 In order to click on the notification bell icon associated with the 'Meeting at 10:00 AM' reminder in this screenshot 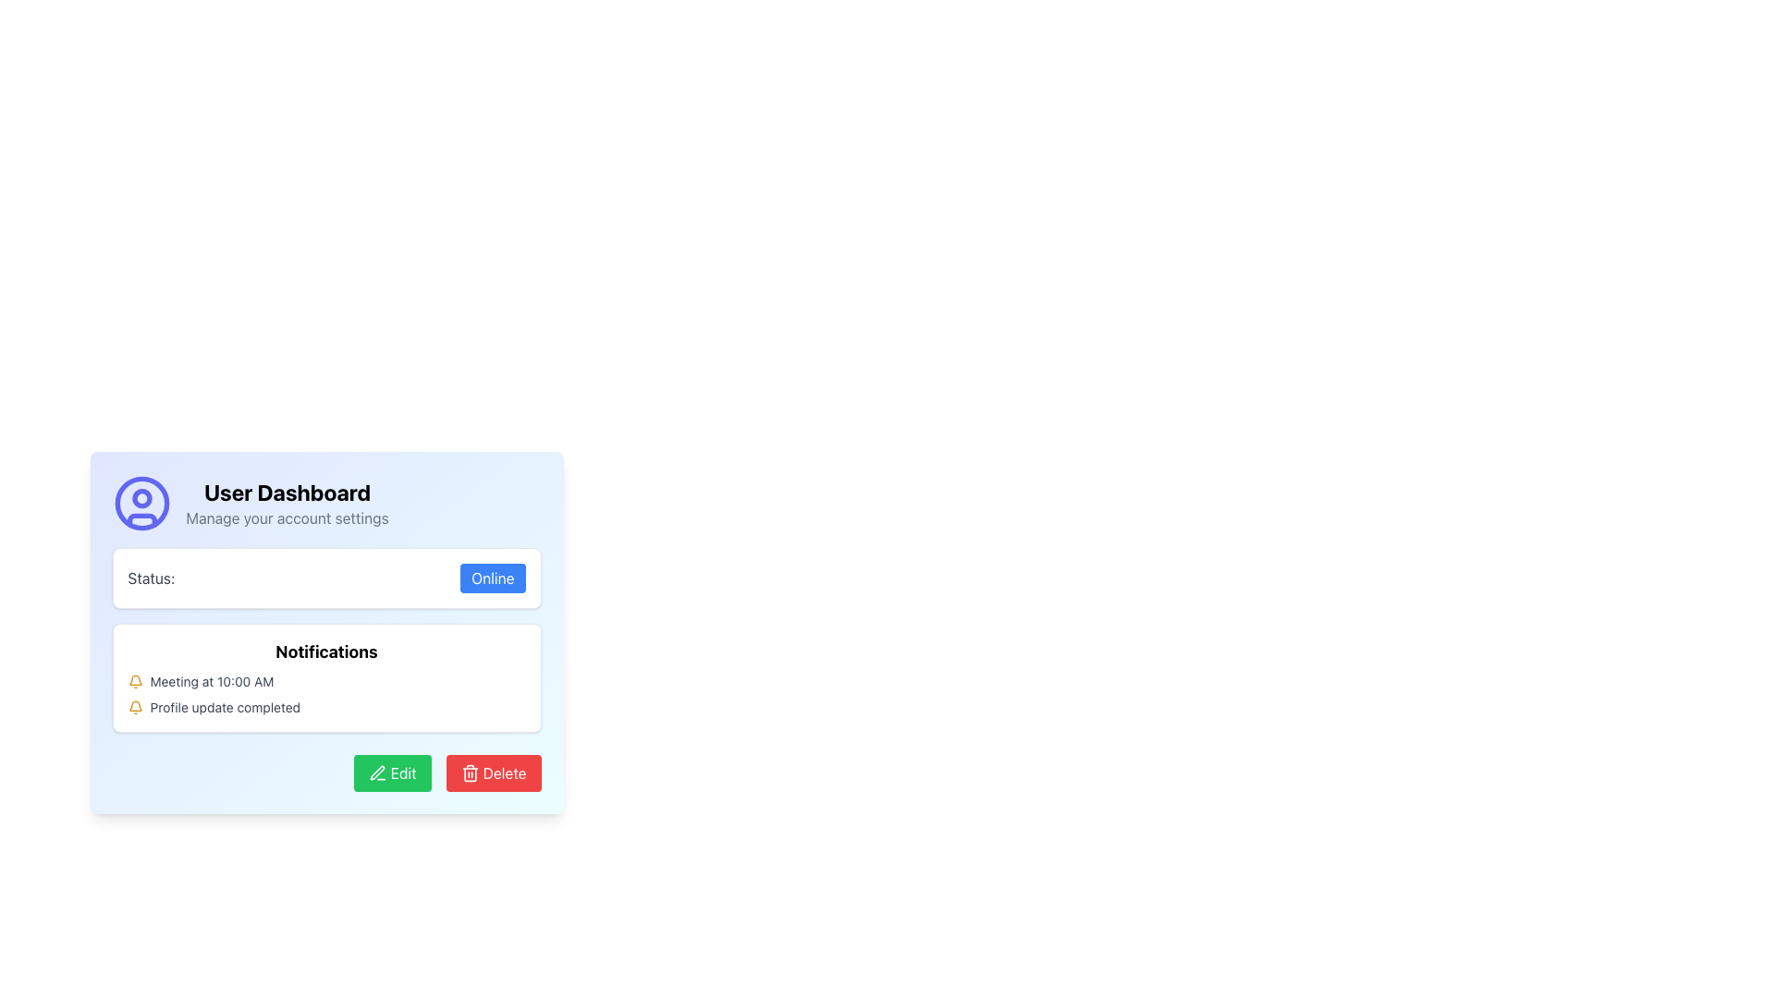, I will do `click(134, 681)`.